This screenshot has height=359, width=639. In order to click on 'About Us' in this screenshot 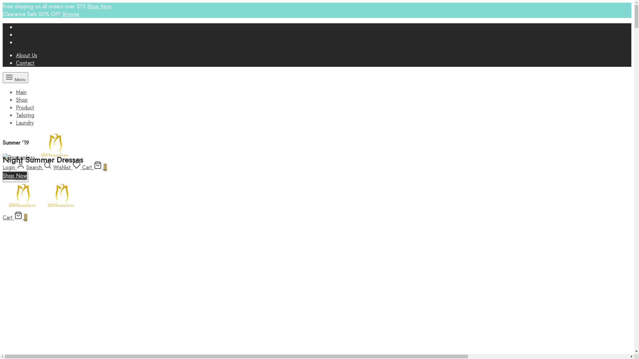, I will do `click(27, 55)`.